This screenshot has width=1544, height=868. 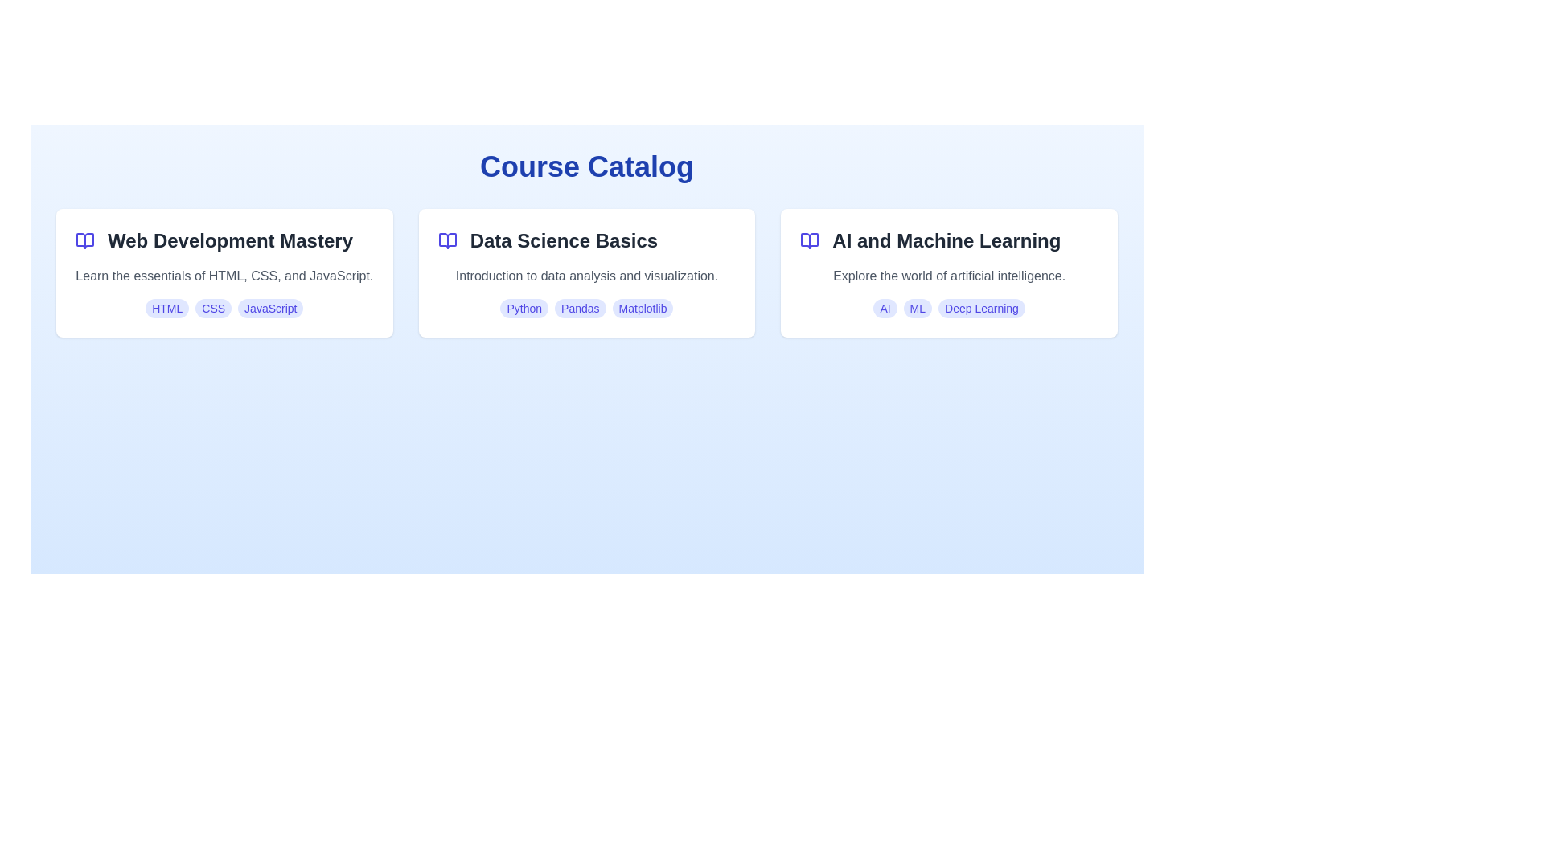 I want to click on the Tag Group containing the keywords 'AI', 'ML', and 'Deep Learning', so click(x=949, y=309).